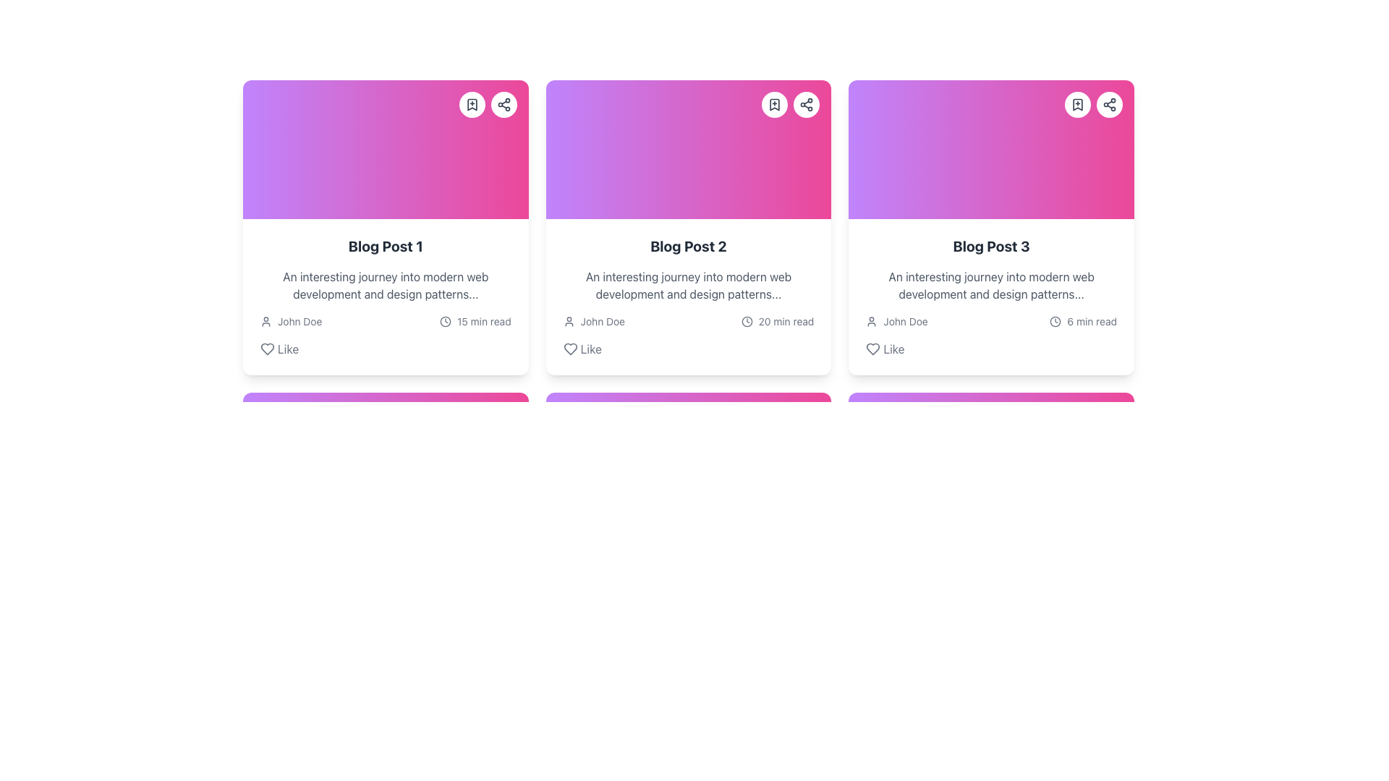 Image resolution: width=1389 pixels, height=781 pixels. I want to click on the author details component, so click(896, 320).